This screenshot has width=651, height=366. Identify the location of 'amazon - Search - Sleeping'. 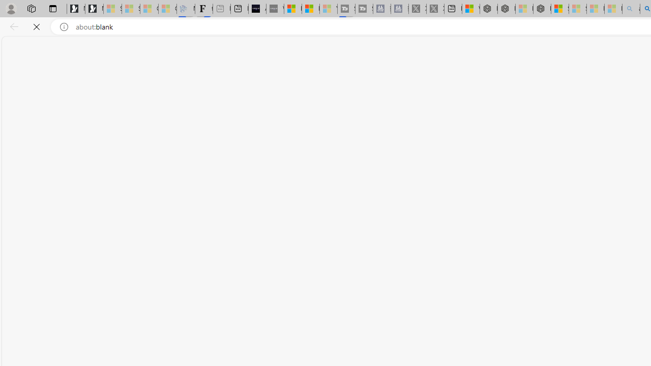
(630, 9).